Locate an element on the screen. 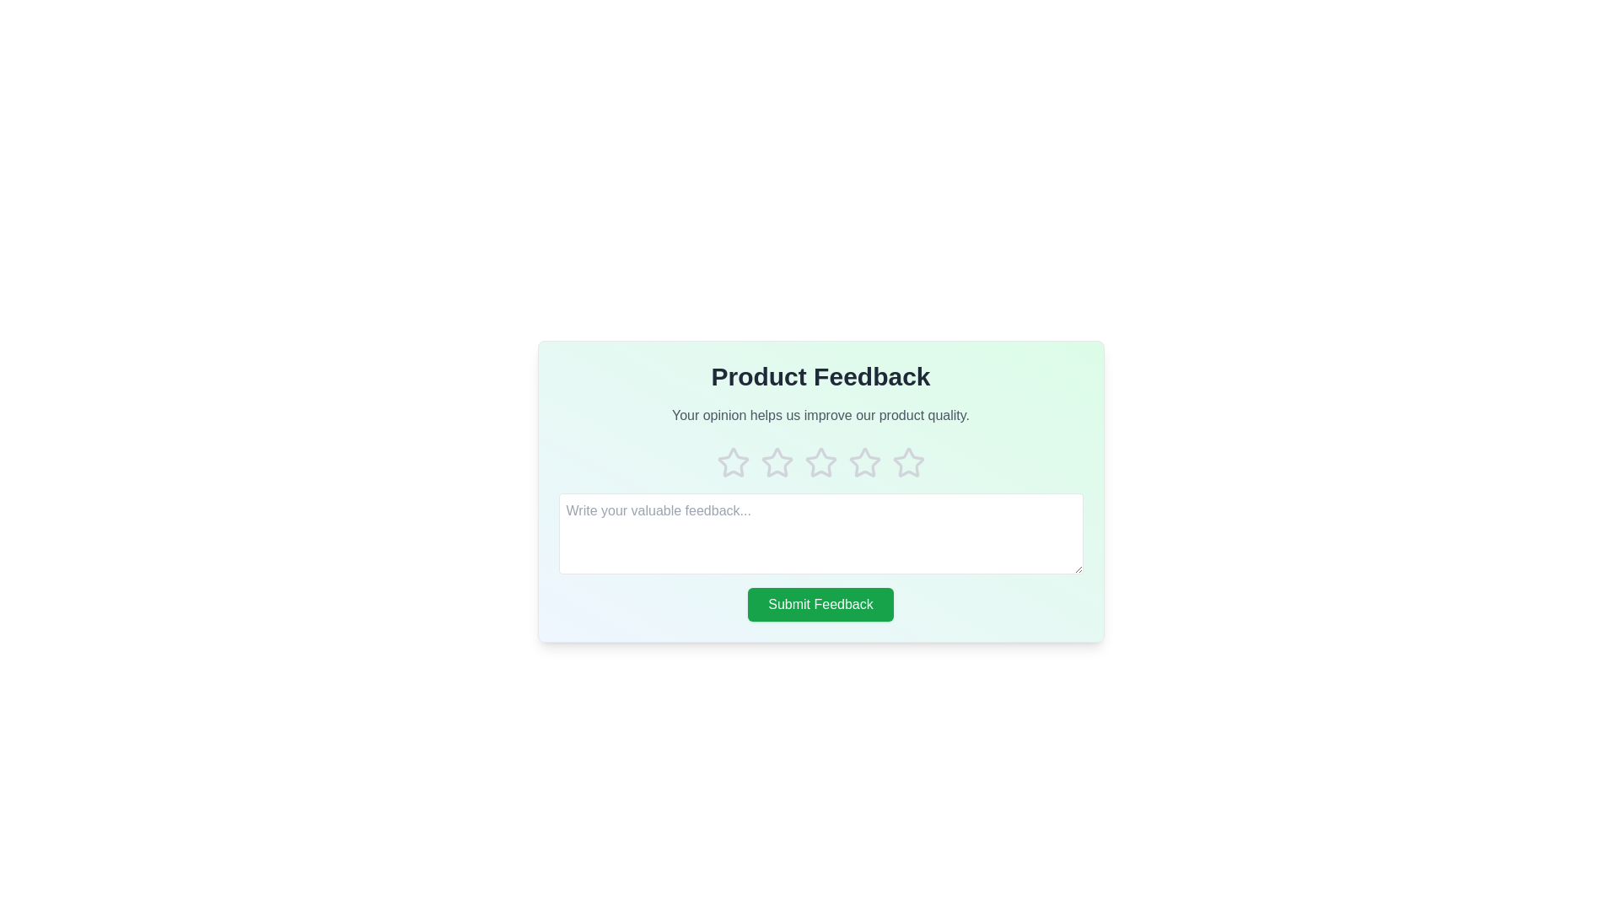 This screenshot has width=1619, height=911. the fifth rating star icon to animate it, which signifies the maximum rating given by the user is located at coordinates (907, 462).